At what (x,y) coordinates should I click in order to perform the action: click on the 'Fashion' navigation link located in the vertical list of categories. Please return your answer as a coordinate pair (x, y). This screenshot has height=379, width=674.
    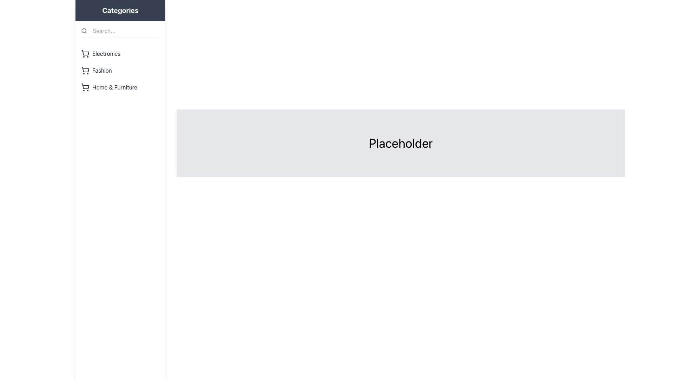
    Looking at the image, I should click on (120, 70).